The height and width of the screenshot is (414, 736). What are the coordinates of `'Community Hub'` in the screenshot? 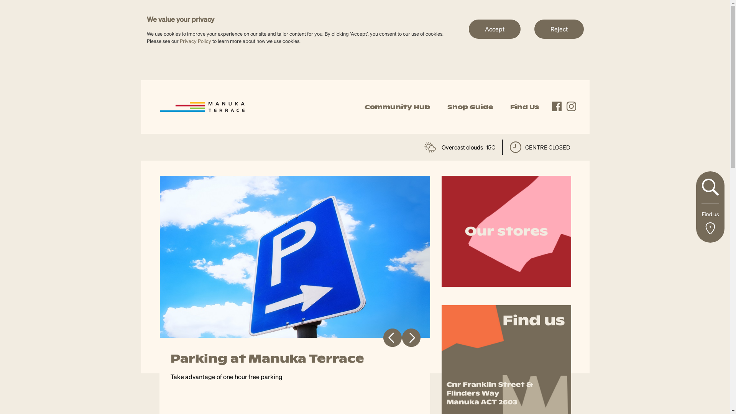 It's located at (397, 107).